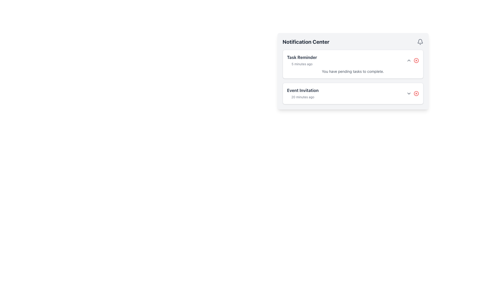 The height and width of the screenshot is (283, 504). I want to click on the 'Task Reminder' notification entry in the Notification Center, so click(353, 77).